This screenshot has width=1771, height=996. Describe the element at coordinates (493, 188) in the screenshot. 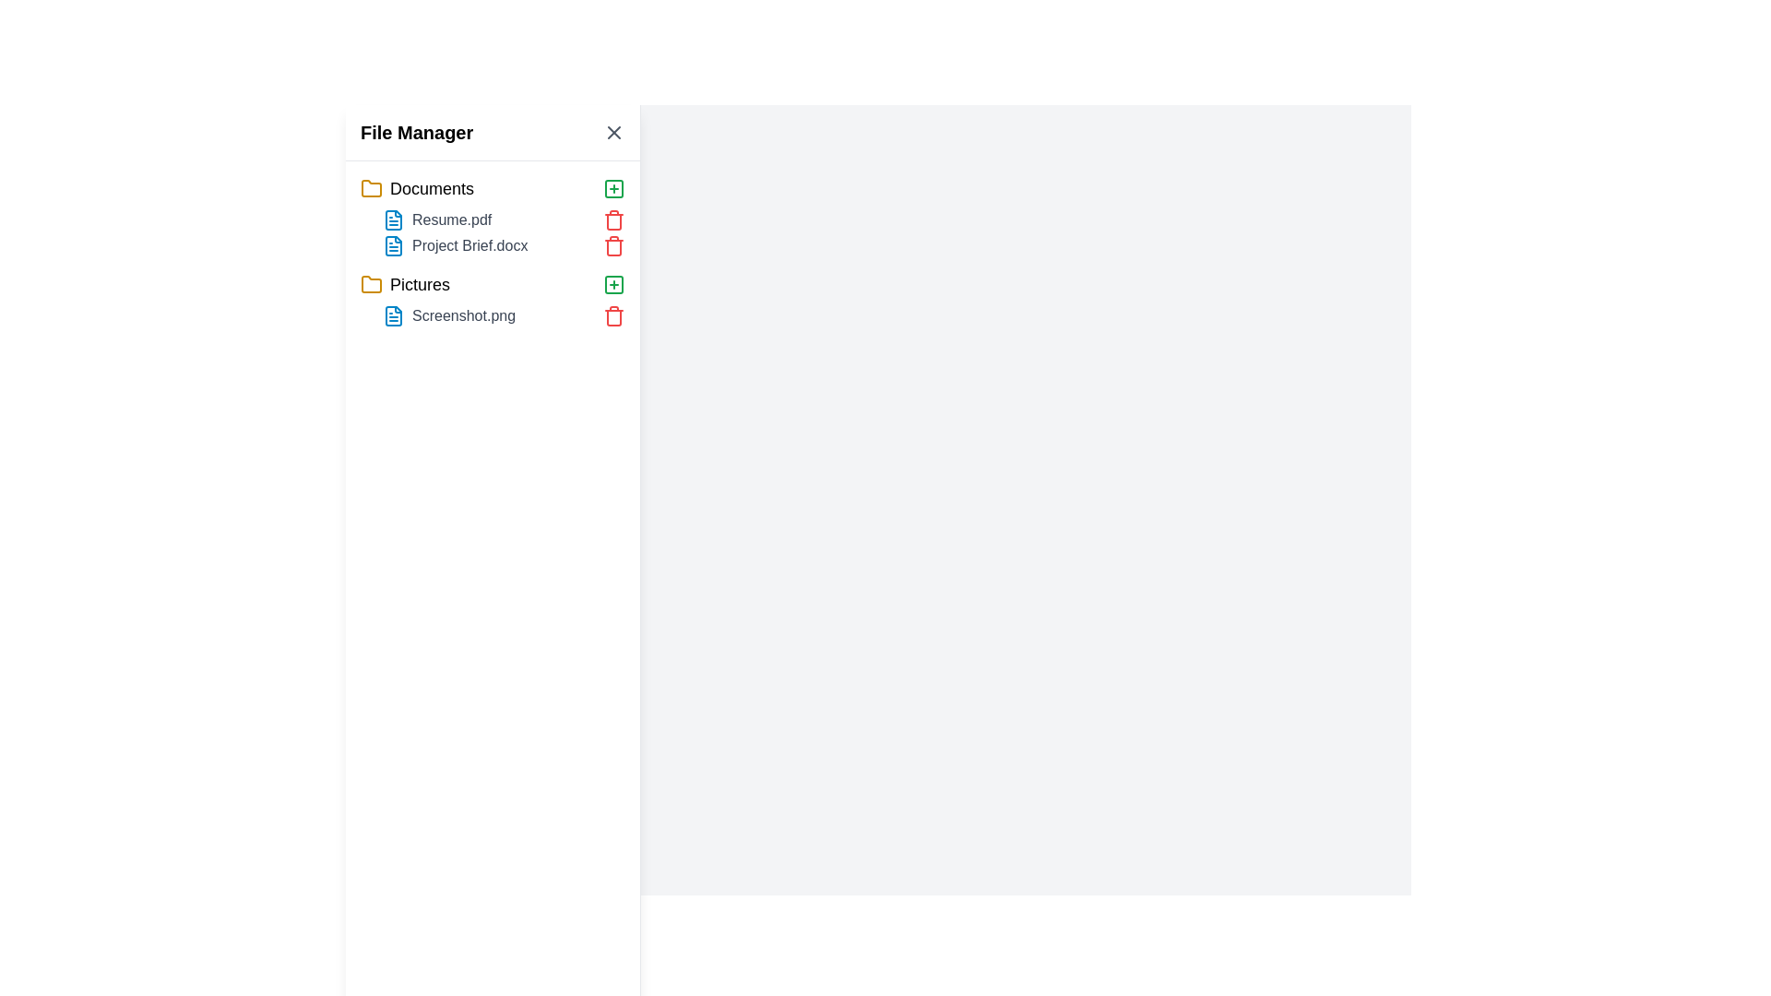

I see `the 'Documents' folder element` at that location.